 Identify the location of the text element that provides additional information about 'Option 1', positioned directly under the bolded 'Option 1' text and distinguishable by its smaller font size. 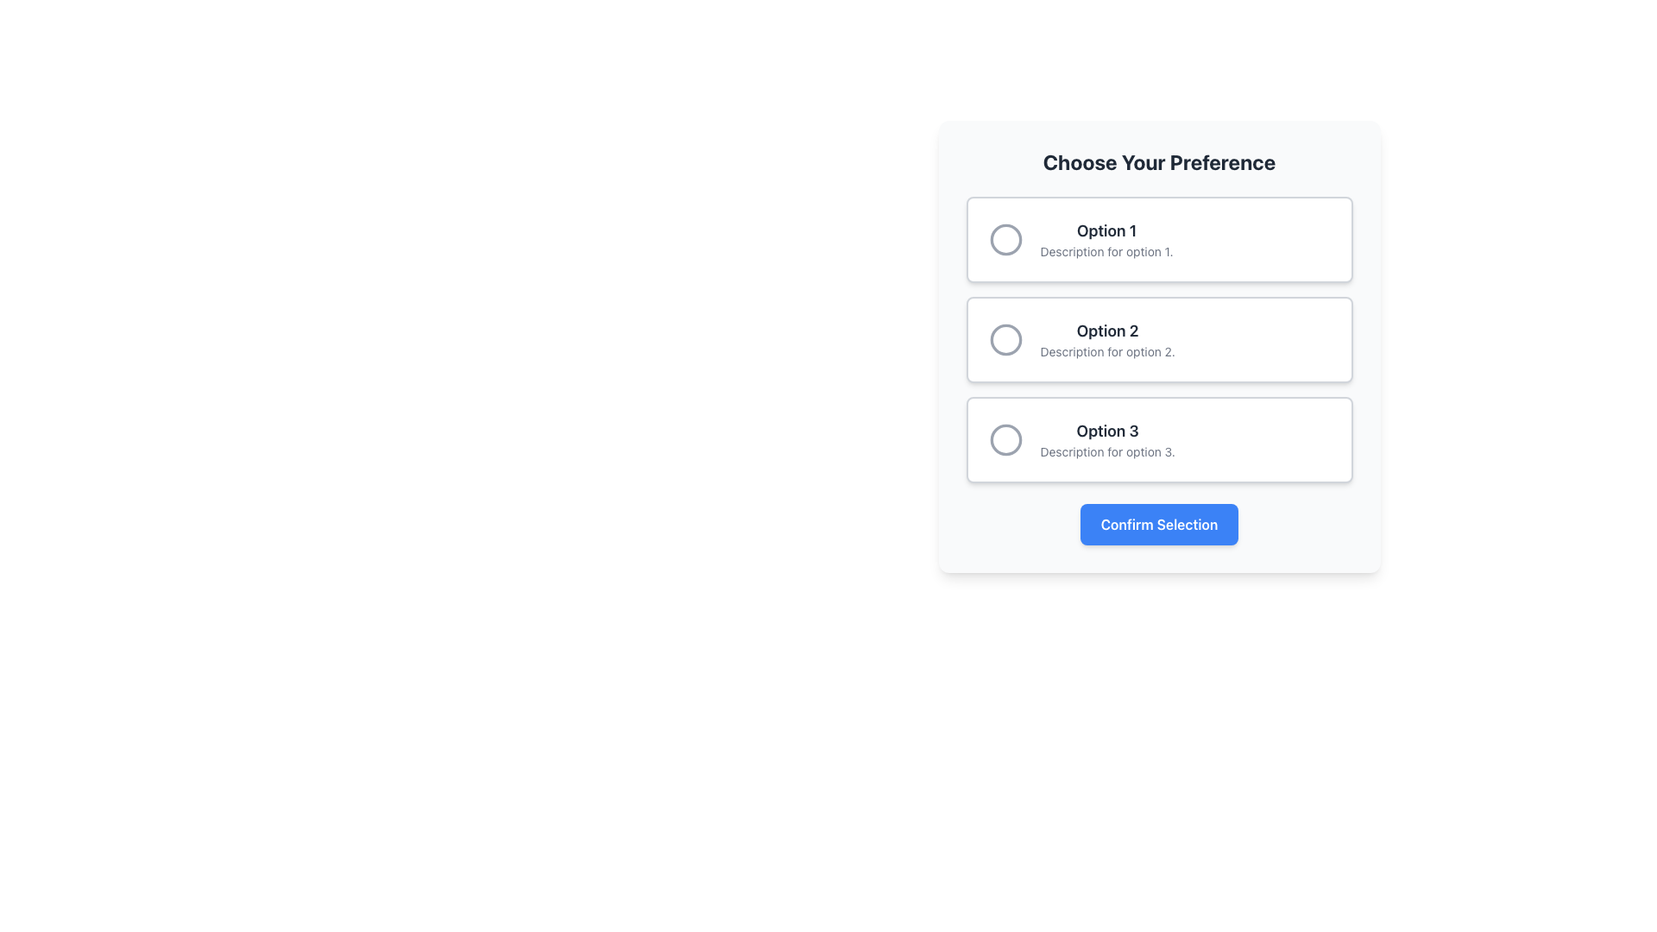
(1106, 252).